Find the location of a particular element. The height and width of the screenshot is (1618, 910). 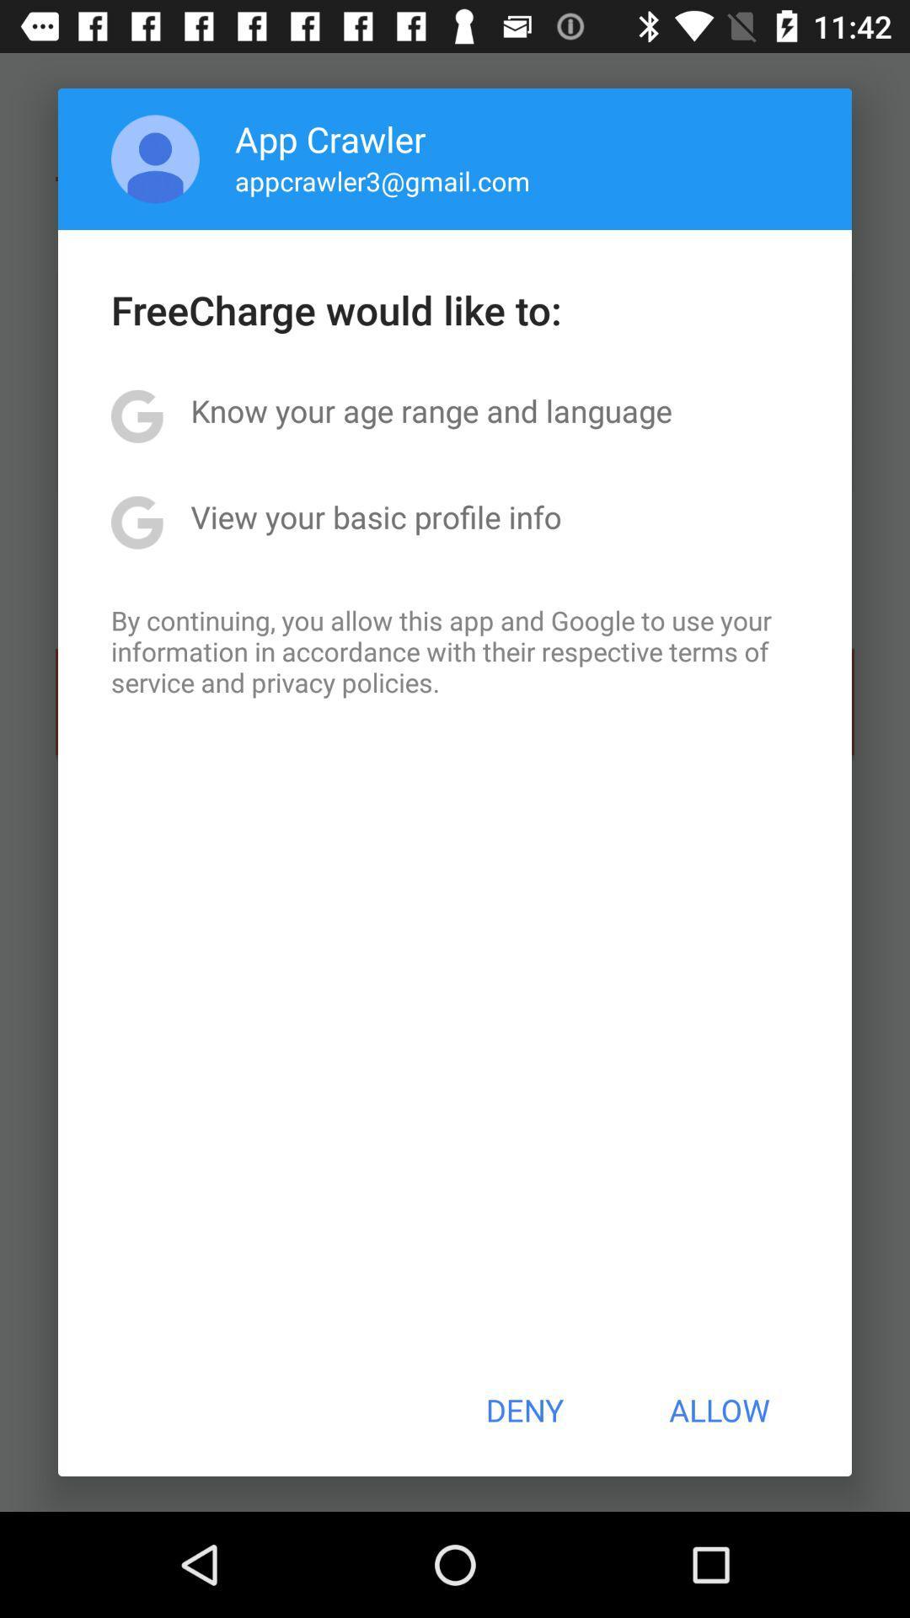

appcrawler3@gmail.com app is located at coordinates (383, 180).